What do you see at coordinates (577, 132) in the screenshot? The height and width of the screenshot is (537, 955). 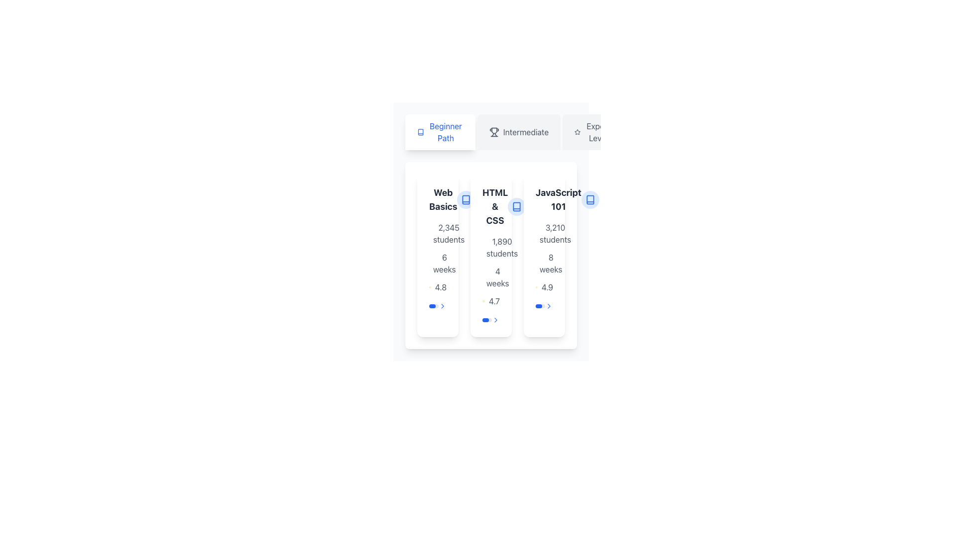 I see `the star-shaped icon with a hollow center and thin outline, located to the left of the text 'Expert Level' within the button-like structure` at bounding box center [577, 132].